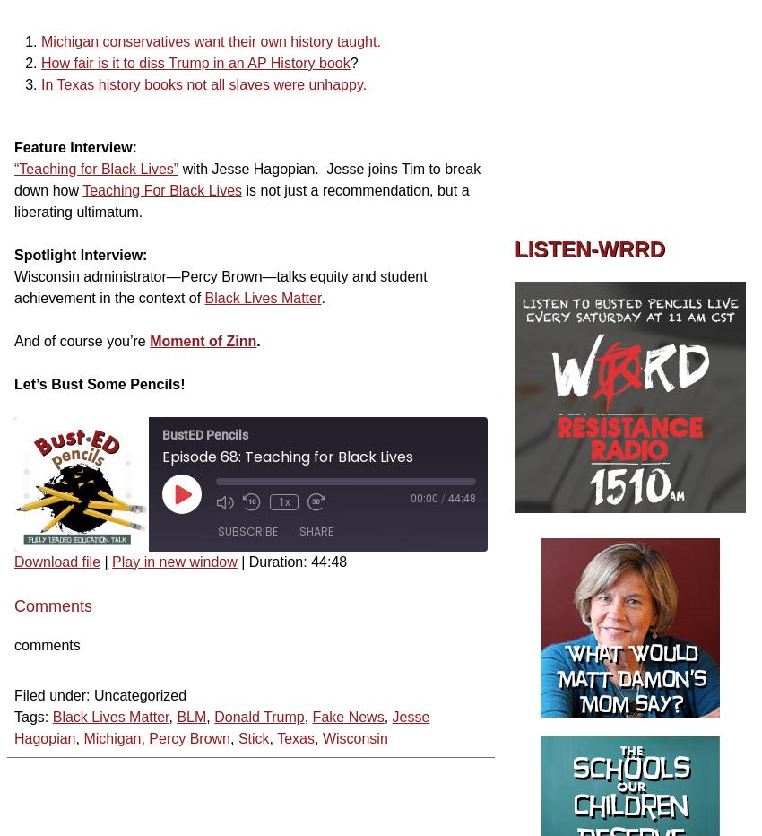 The width and height of the screenshot is (762, 836). I want to click on 'Tags:', so click(30, 716).